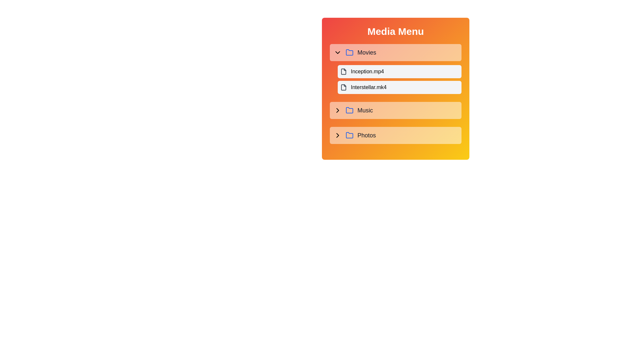  Describe the element at coordinates (395, 135) in the screenshot. I see `the fourth item in the 'Media Menu' section, which is a folder labeled 'Photos'` at that location.